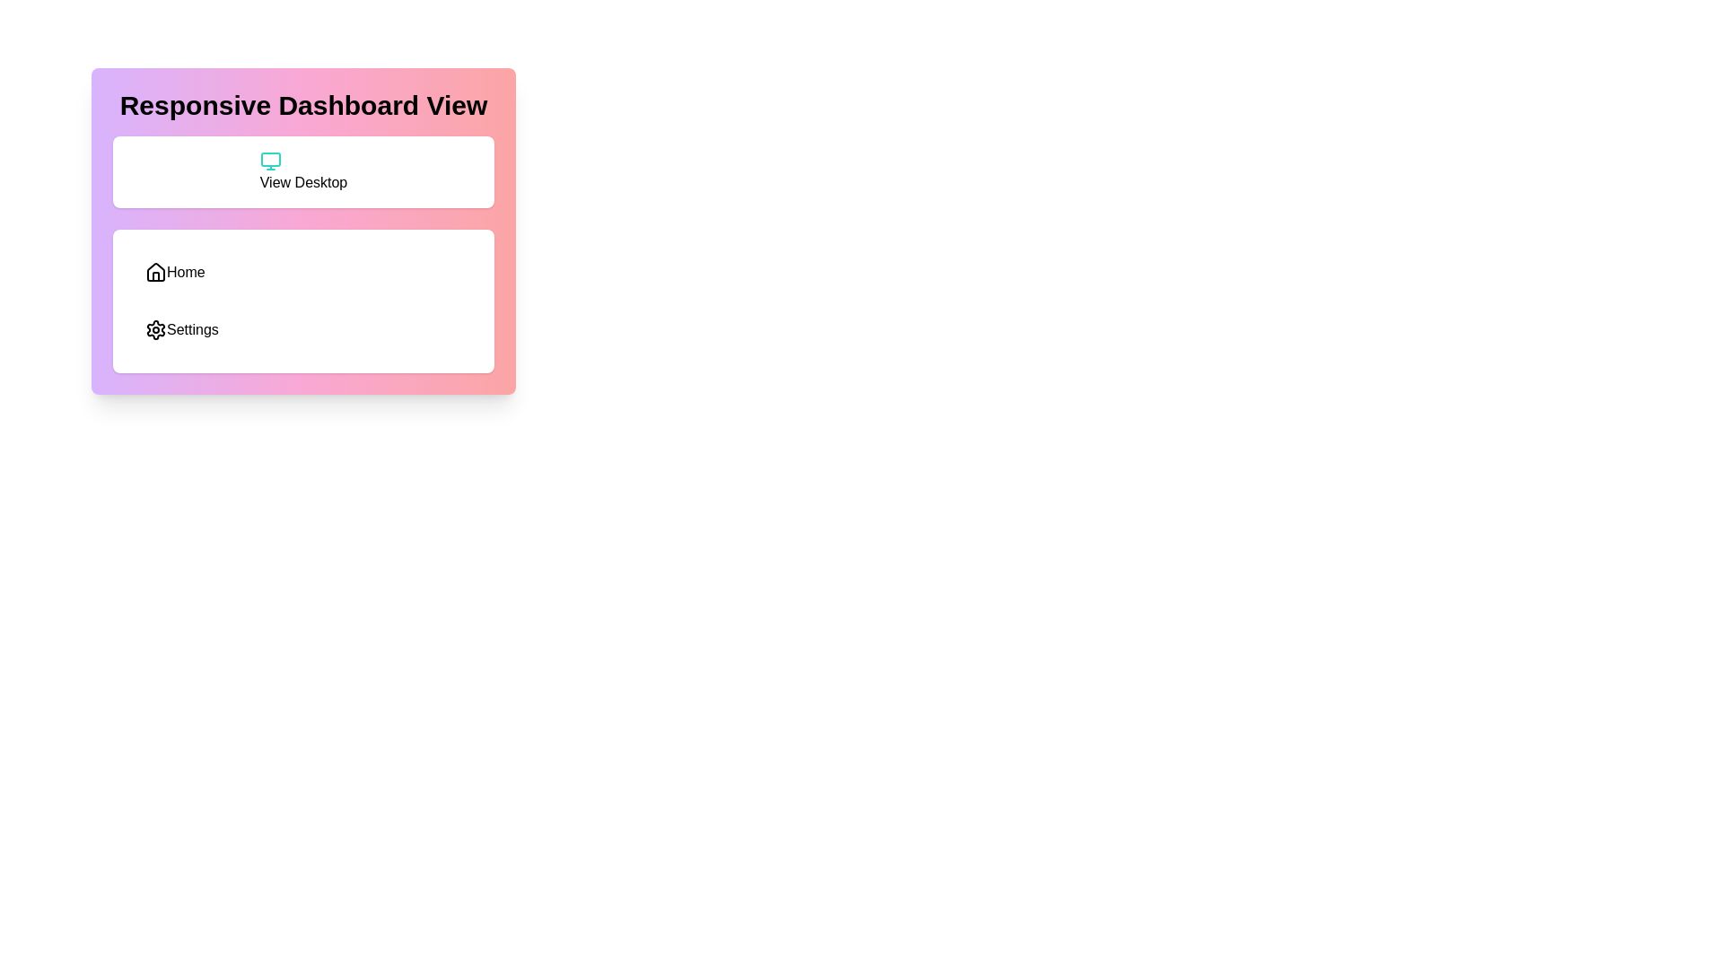 The width and height of the screenshot is (1723, 969). Describe the element at coordinates (155, 329) in the screenshot. I see `the black gear icon, which represents settings or configuration, located below the 'Home' option` at that location.